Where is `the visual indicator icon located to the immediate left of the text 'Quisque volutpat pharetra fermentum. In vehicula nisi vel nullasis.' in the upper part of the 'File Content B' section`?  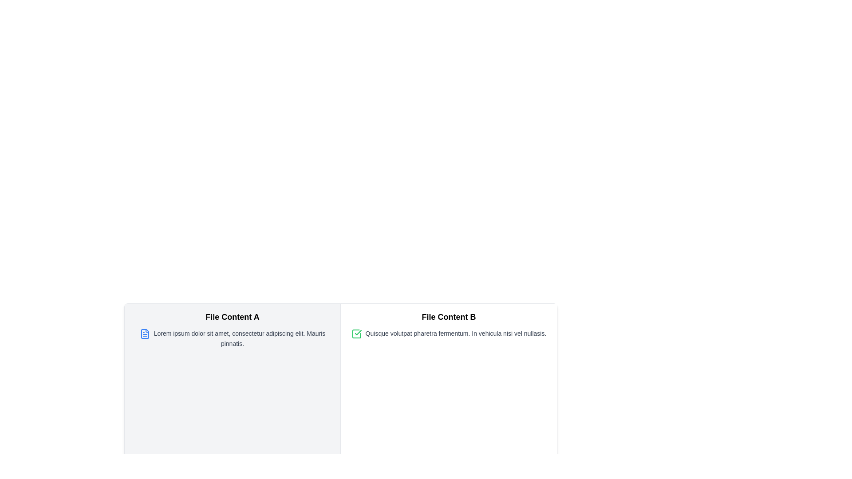
the visual indicator icon located to the immediate left of the text 'Quisque volutpat pharetra fermentum. In vehicula nisi vel nullasis.' in the upper part of the 'File Content B' section is located at coordinates (356, 334).